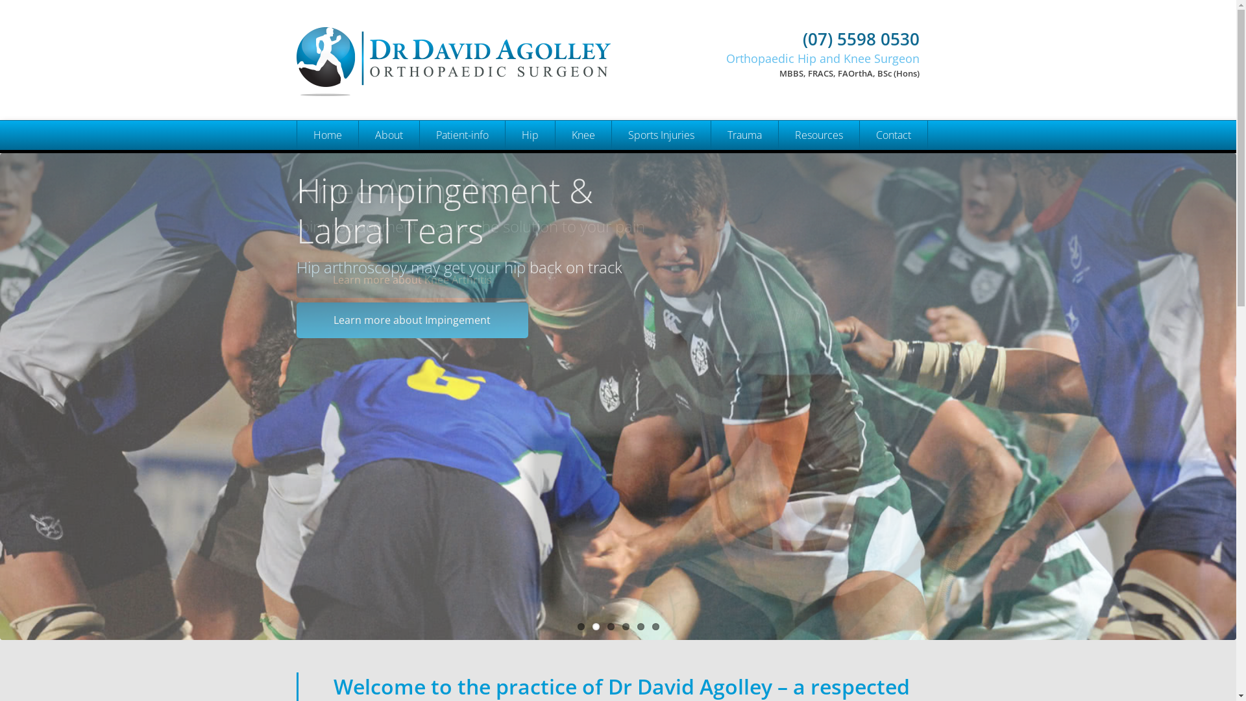 This screenshot has height=701, width=1246. Describe the element at coordinates (530, 135) in the screenshot. I see `'Hip'` at that location.